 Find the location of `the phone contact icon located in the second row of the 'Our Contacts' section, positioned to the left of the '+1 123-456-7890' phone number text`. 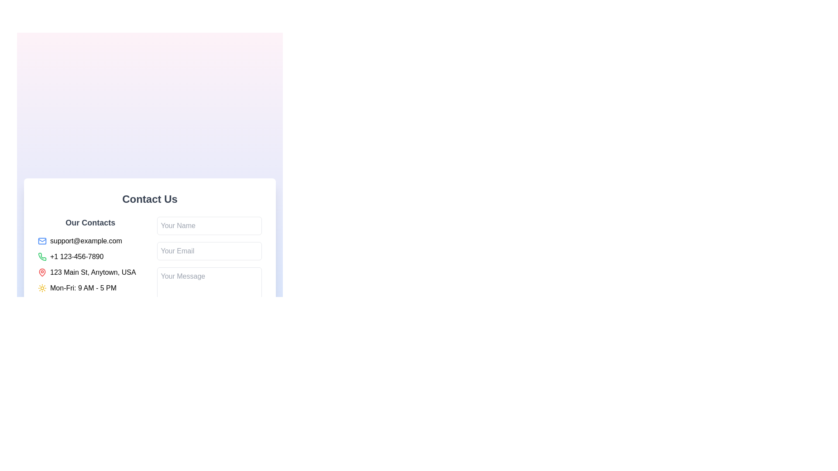

the phone contact icon located in the second row of the 'Our Contacts' section, positioned to the left of the '+1 123-456-7890' phone number text is located at coordinates (41, 256).